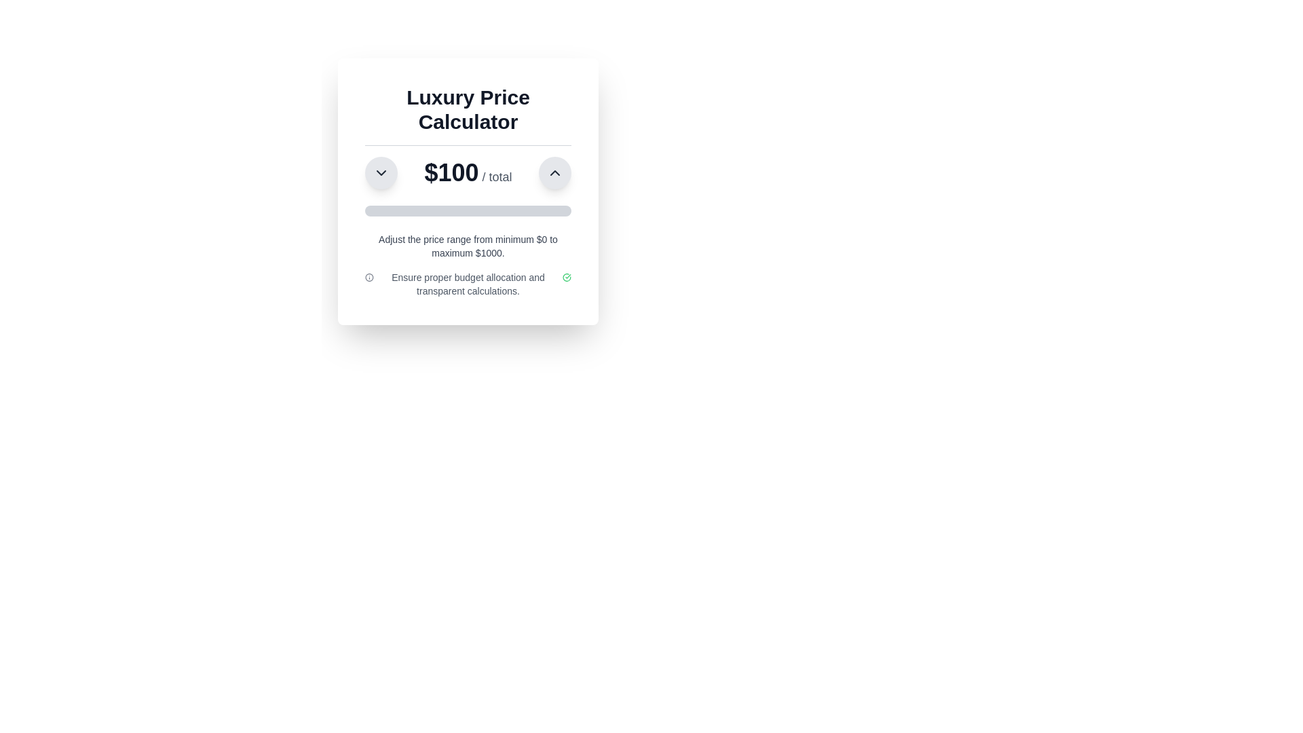  Describe the element at coordinates (367, 211) in the screenshot. I see `the slider's value` at that location.